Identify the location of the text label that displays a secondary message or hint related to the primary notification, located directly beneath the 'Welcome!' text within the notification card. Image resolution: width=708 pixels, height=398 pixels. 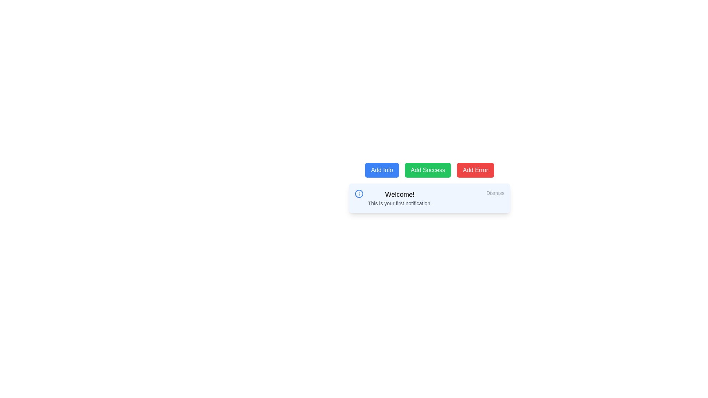
(399, 203).